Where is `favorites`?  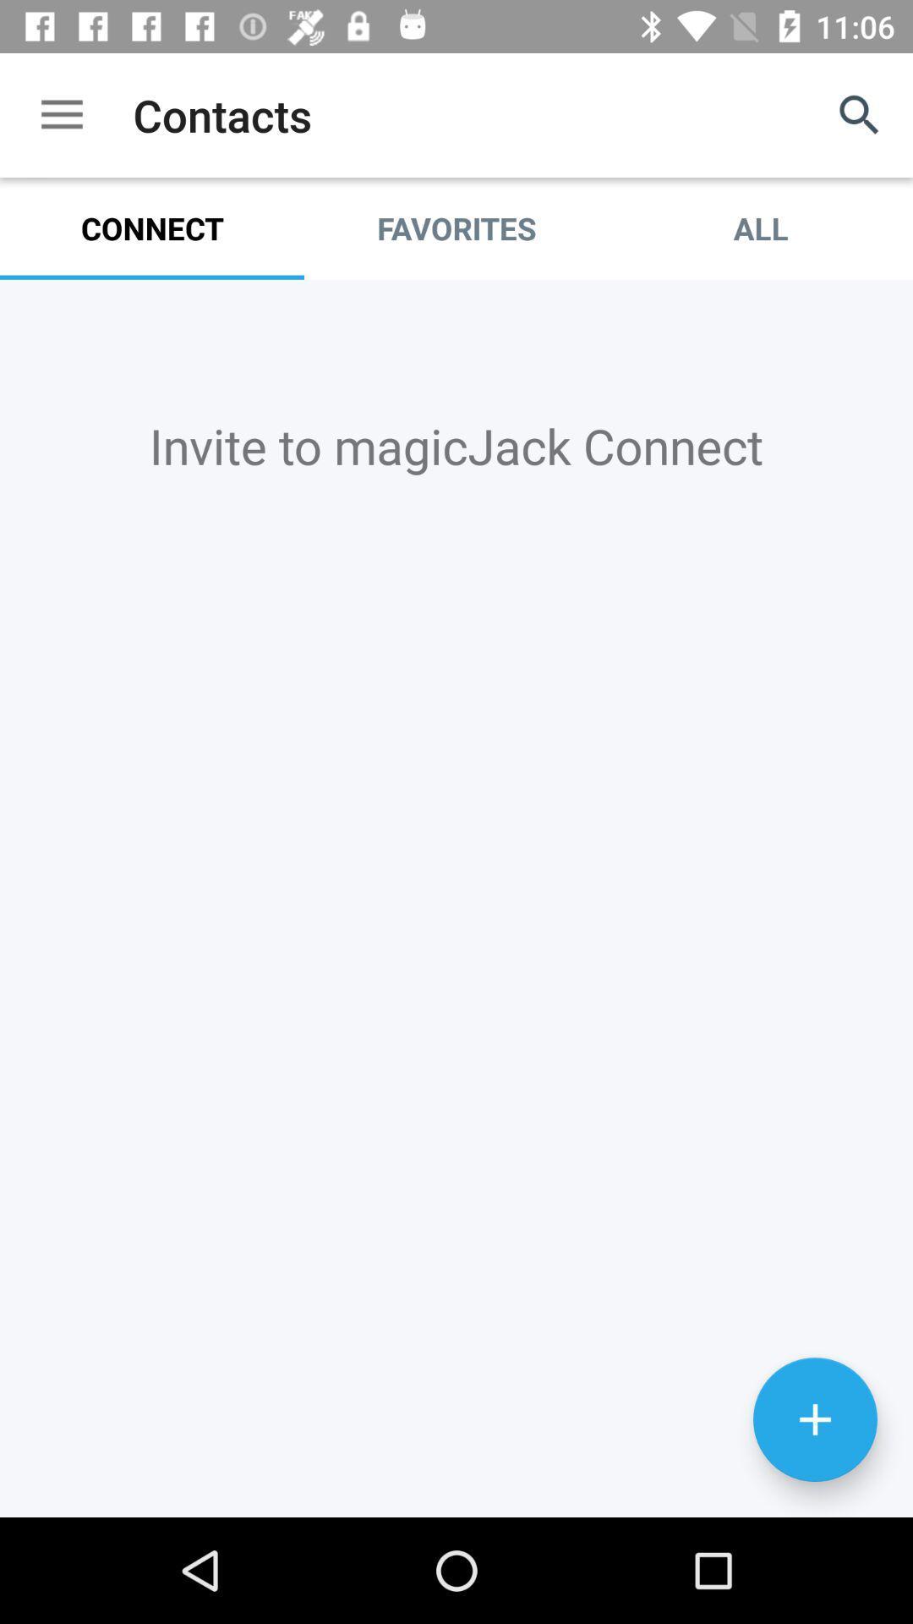
favorites is located at coordinates (456, 228).